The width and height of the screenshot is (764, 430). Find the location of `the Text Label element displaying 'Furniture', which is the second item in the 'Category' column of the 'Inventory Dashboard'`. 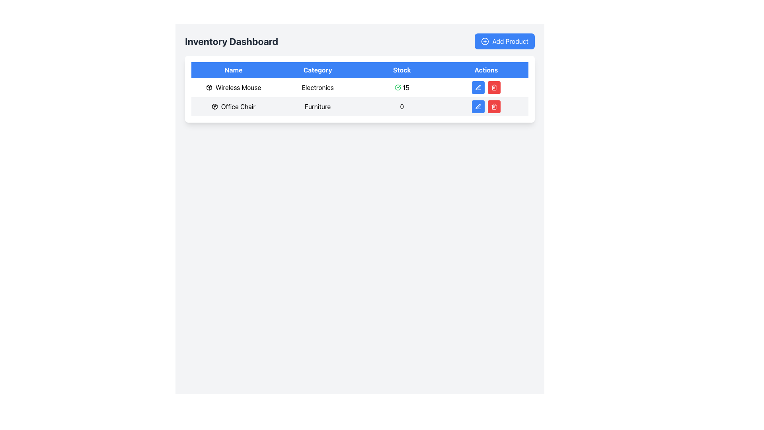

the Text Label element displaying 'Furniture', which is the second item in the 'Category' column of the 'Inventory Dashboard' is located at coordinates (317, 106).